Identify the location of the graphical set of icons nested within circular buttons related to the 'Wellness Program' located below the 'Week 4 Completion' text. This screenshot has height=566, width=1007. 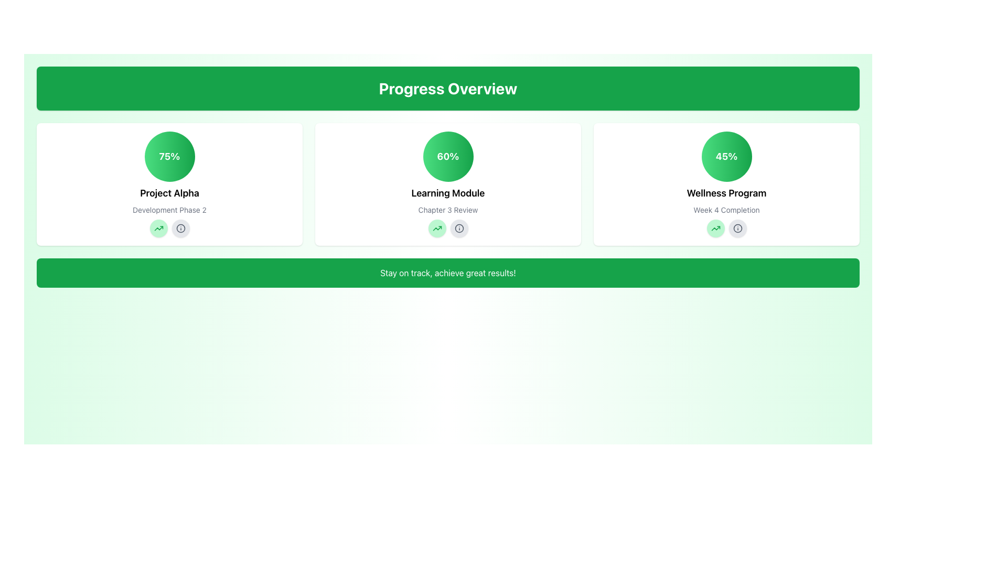
(726, 227).